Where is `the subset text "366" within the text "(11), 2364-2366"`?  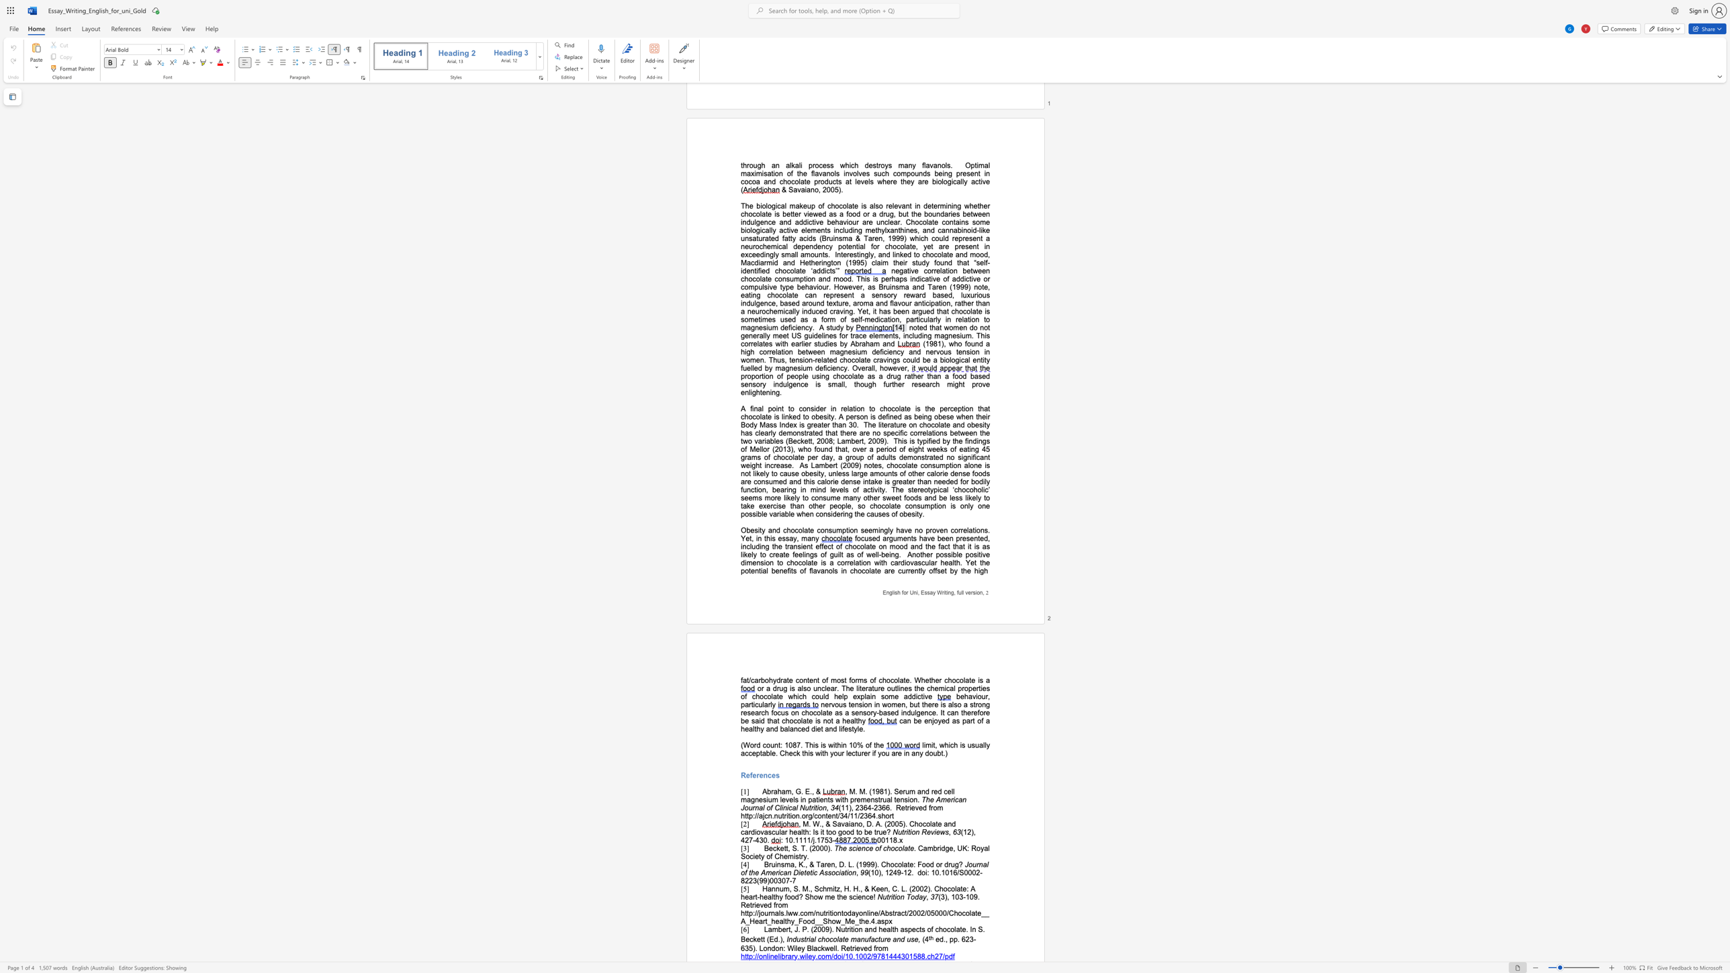
the subset text "366" within the text "(11), 2364-2366" is located at coordinates (878, 808).